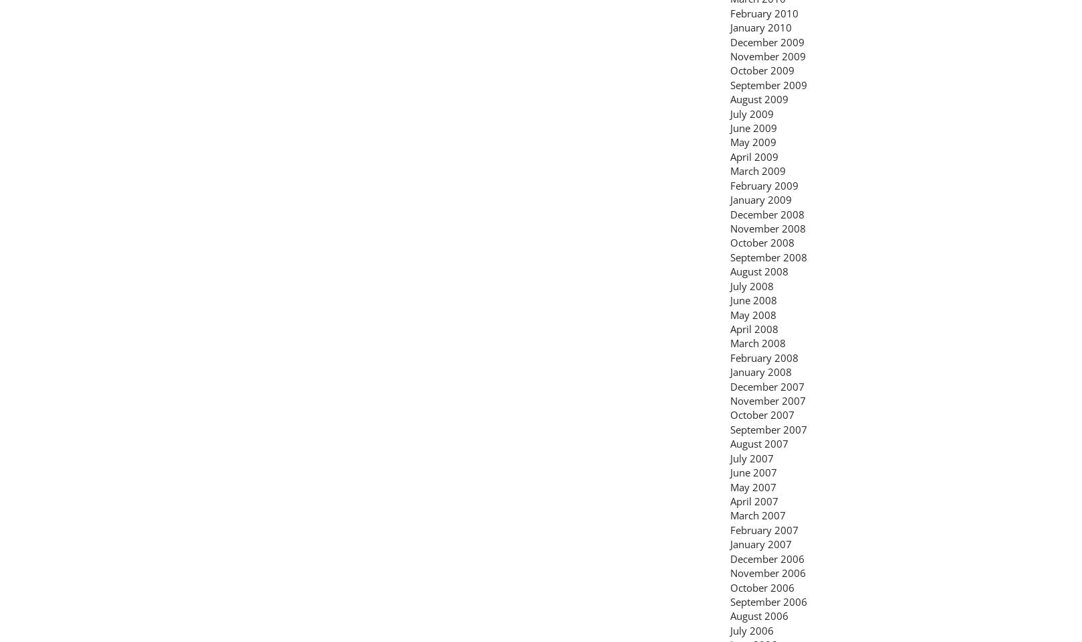 The width and height of the screenshot is (1082, 642). I want to click on 'June 2009', so click(730, 127).